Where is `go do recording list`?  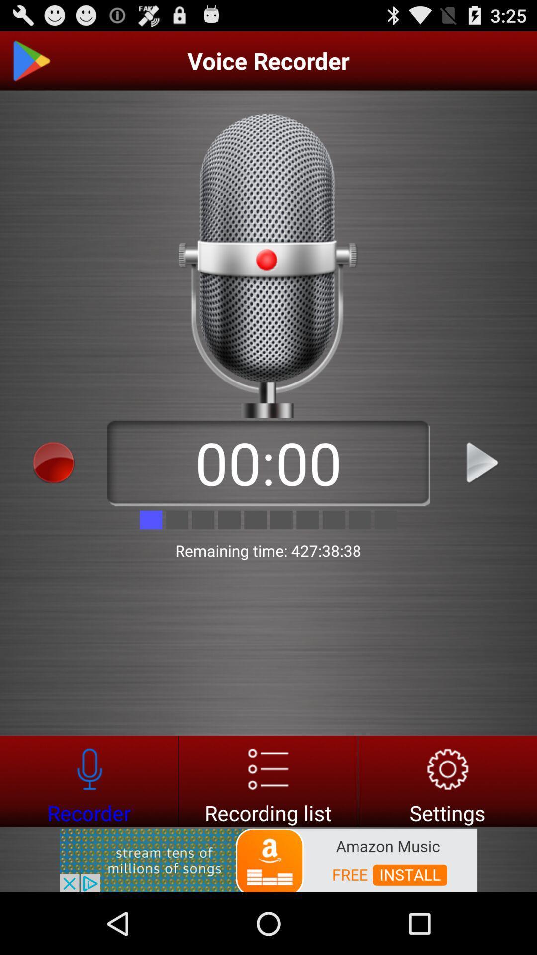 go do recording list is located at coordinates (268, 780).